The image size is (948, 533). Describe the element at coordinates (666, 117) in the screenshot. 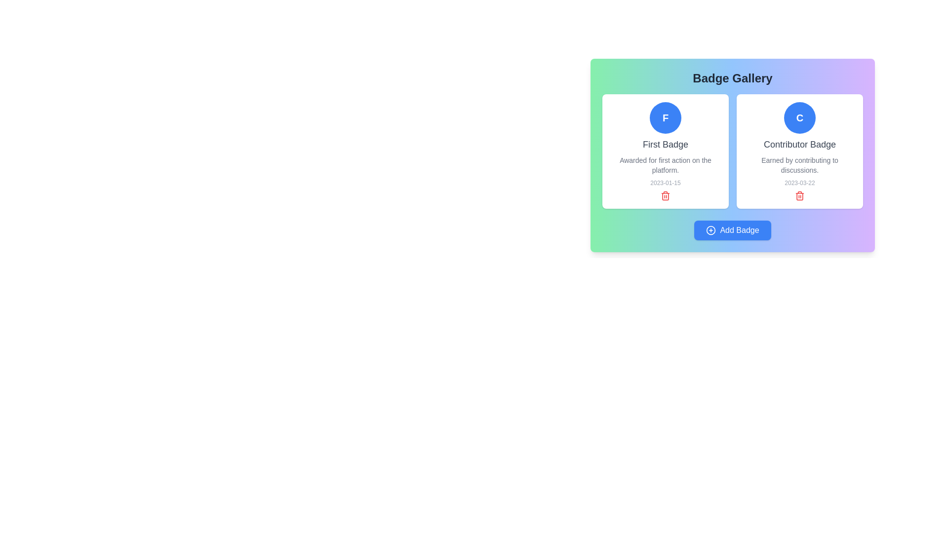

I see `the circular badge with a bright blue background and a white 'F' letter, located in the top-left area of the 'First Badge' card` at that location.